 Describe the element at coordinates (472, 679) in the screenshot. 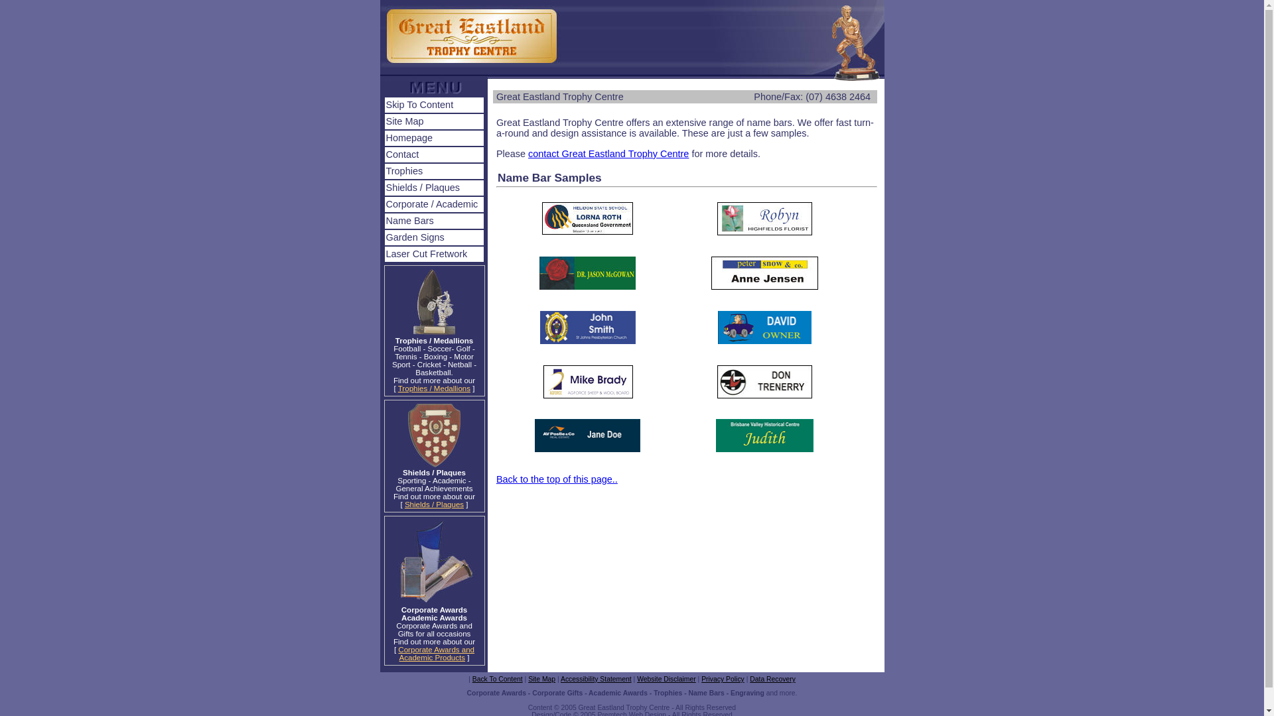

I see `'Back To Content'` at that location.